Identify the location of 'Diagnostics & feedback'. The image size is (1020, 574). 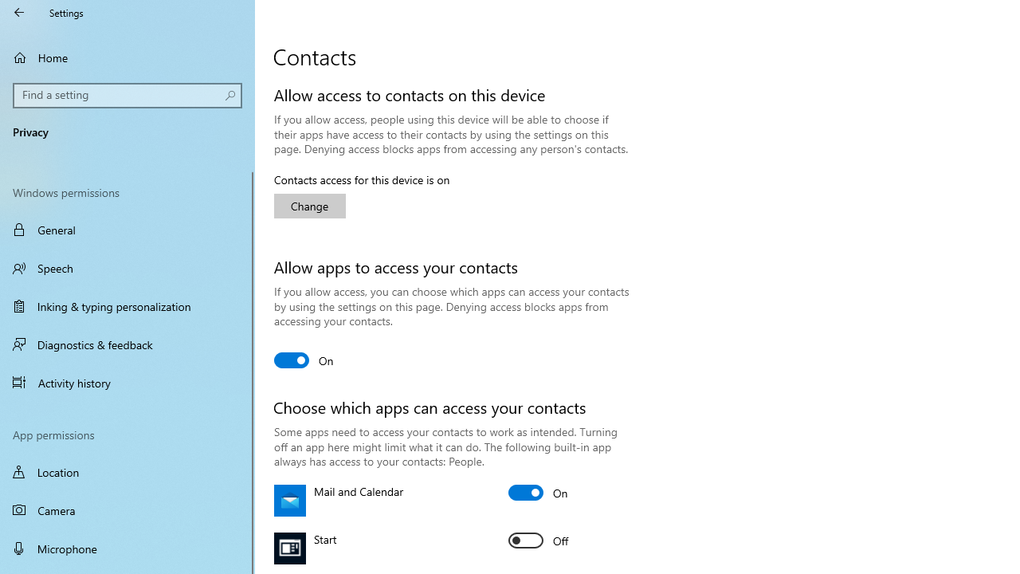
(127, 344).